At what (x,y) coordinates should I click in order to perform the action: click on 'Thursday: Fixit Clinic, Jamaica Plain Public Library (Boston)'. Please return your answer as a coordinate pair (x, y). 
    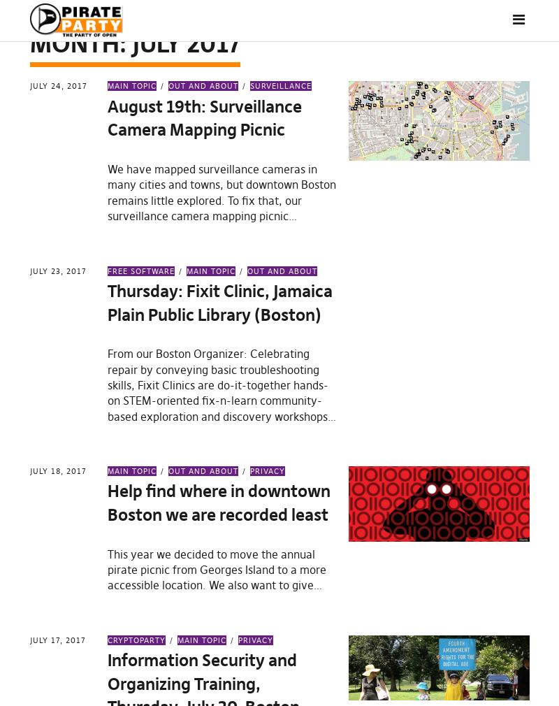
    Looking at the image, I should click on (108, 302).